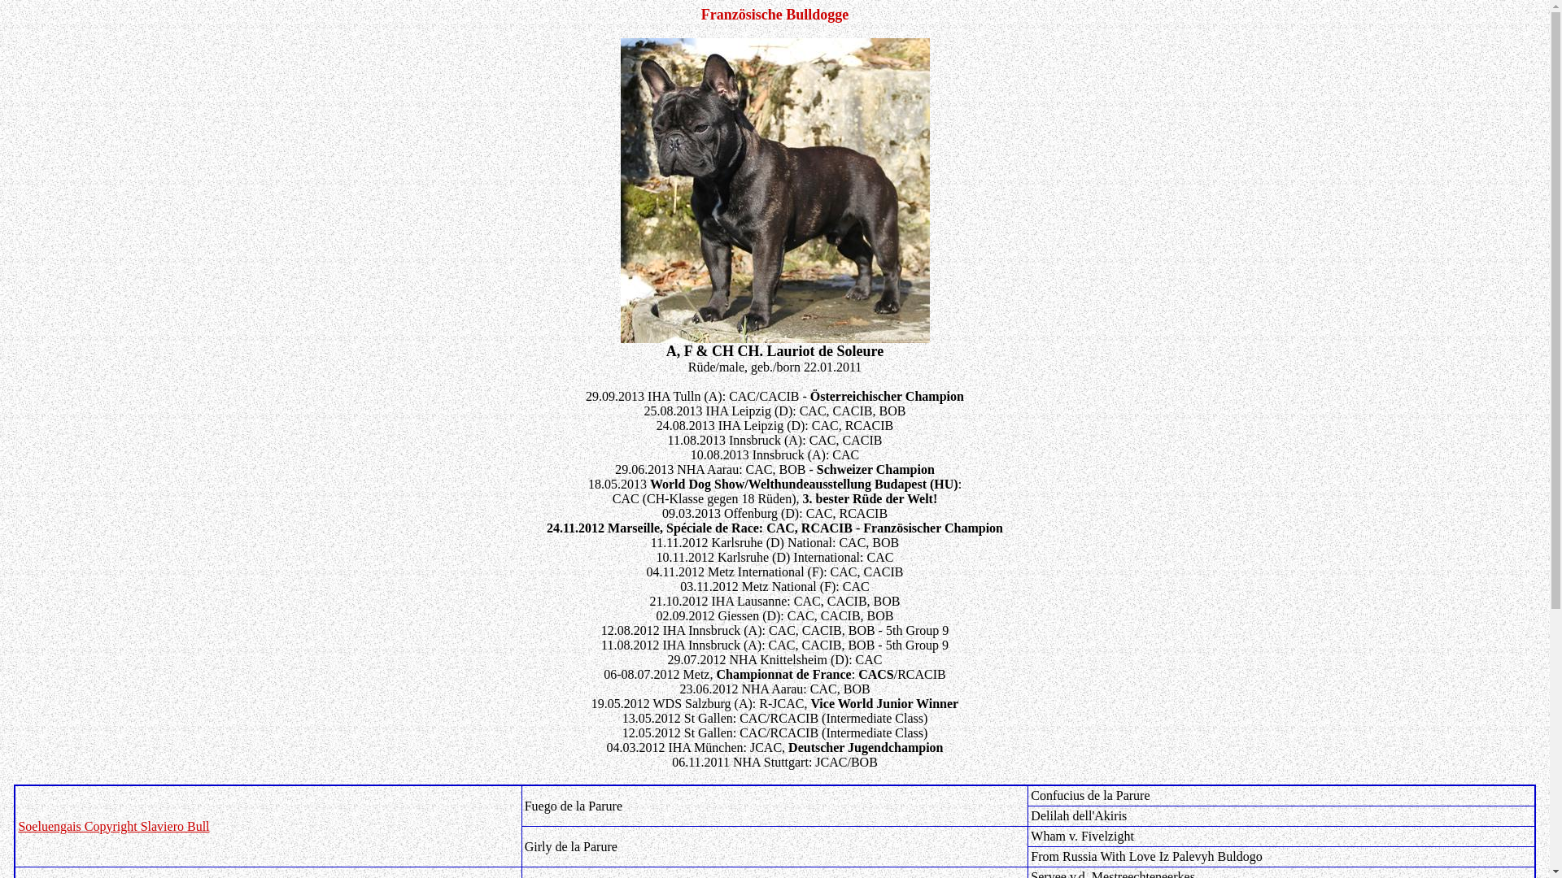 The height and width of the screenshot is (878, 1562). What do you see at coordinates (112, 826) in the screenshot?
I see `'Soeluengais Copyright Slaviero Bull'` at bounding box center [112, 826].